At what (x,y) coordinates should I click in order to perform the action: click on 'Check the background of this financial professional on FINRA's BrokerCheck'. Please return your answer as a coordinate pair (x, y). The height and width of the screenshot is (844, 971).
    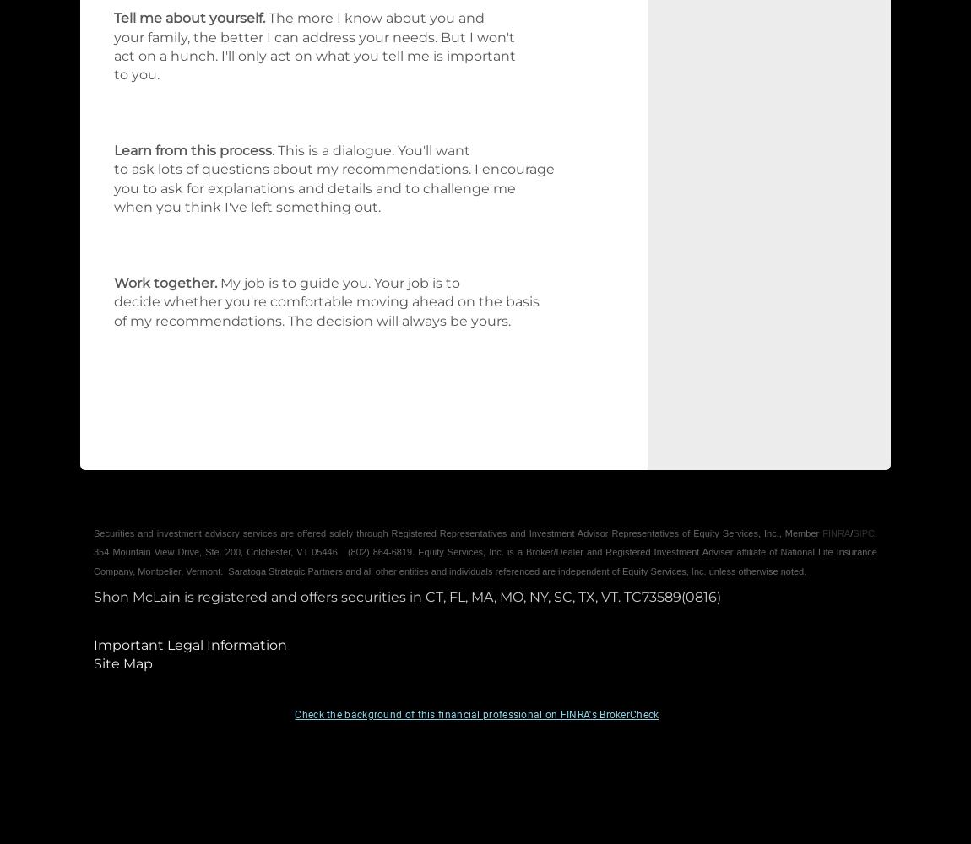
    Looking at the image, I should click on (476, 713).